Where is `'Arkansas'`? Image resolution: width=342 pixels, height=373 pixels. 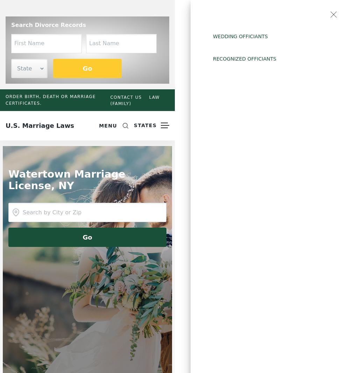 'Arkansas' is located at coordinates (213, 64).